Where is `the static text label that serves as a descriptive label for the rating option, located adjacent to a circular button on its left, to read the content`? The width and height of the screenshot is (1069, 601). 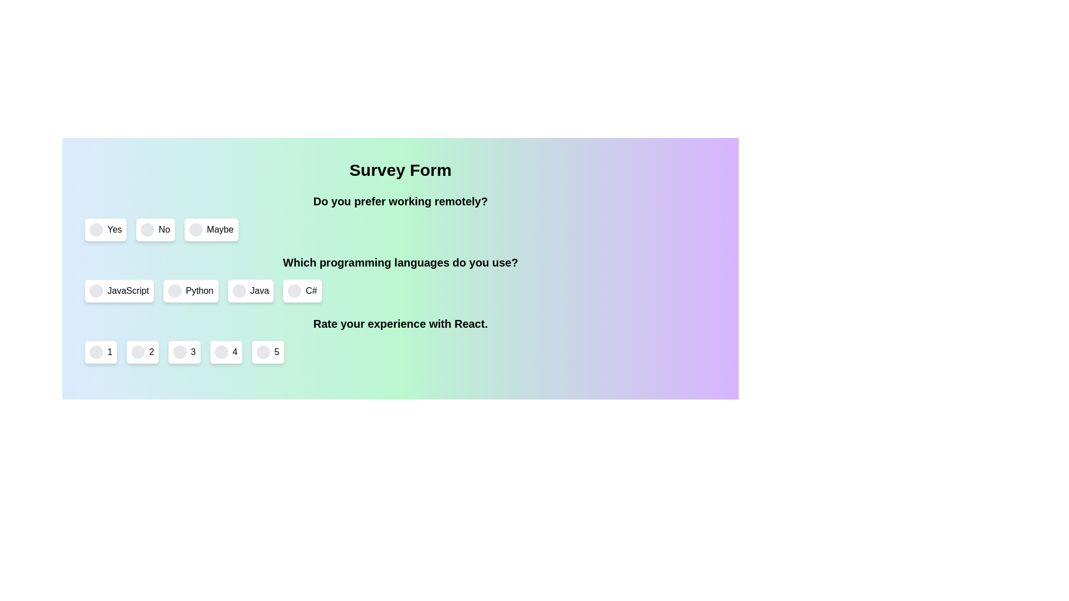 the static text label that serves as a descriptive label for the rating option, located adjacent to a circular button on its left, to read the content is located at coordinates (110, 352).